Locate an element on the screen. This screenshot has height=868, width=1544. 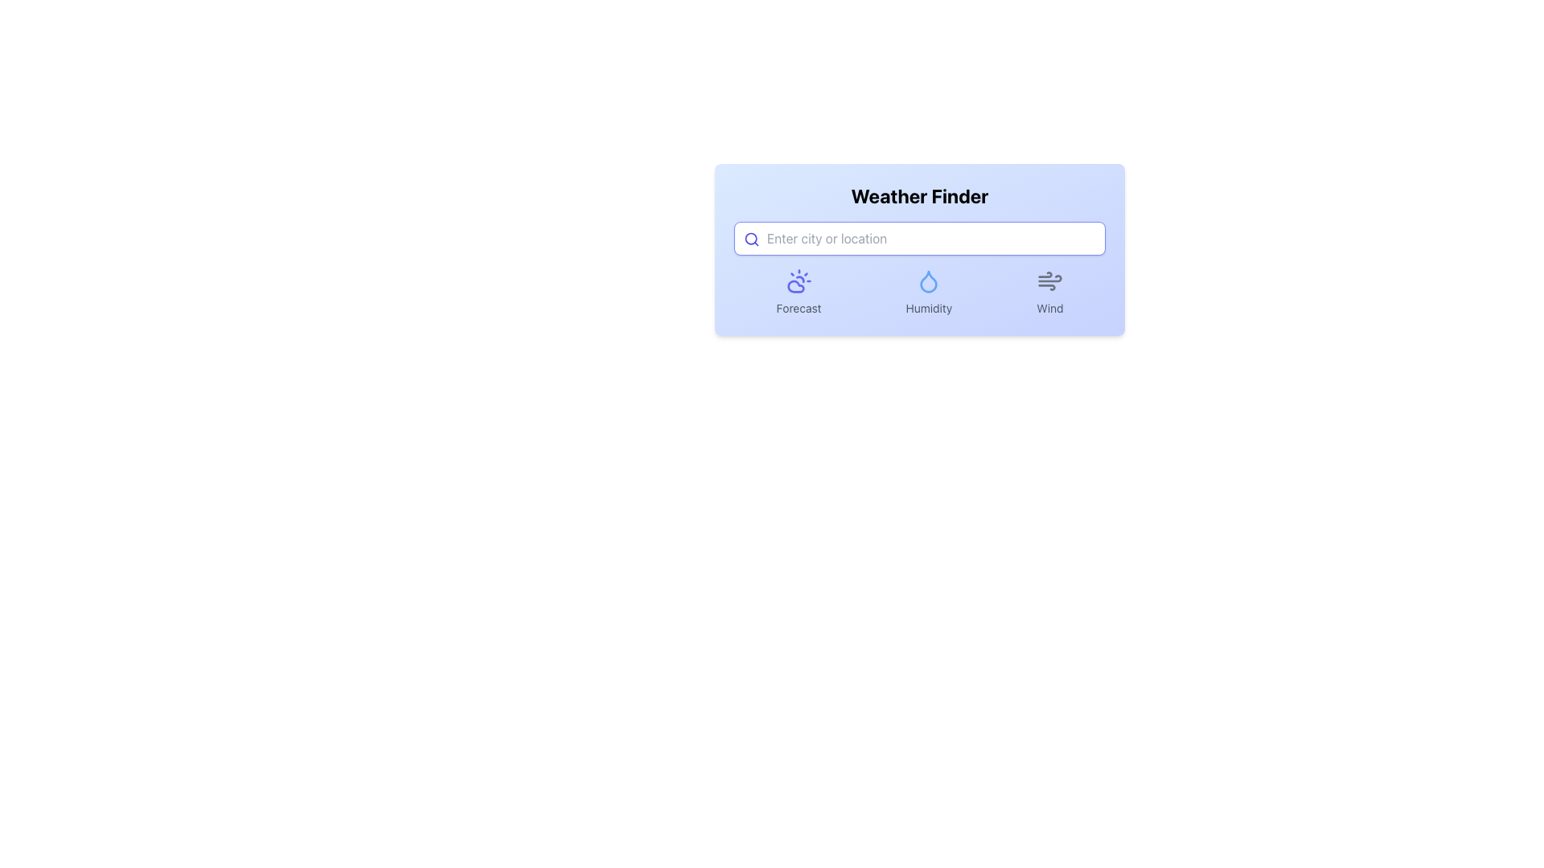
the information displayed on the Label with Icon, which serves as a visual indicator for weather forecasting located to the left of the 'Humidity' and 'Wind' panels is located at coordinates (799, 292).